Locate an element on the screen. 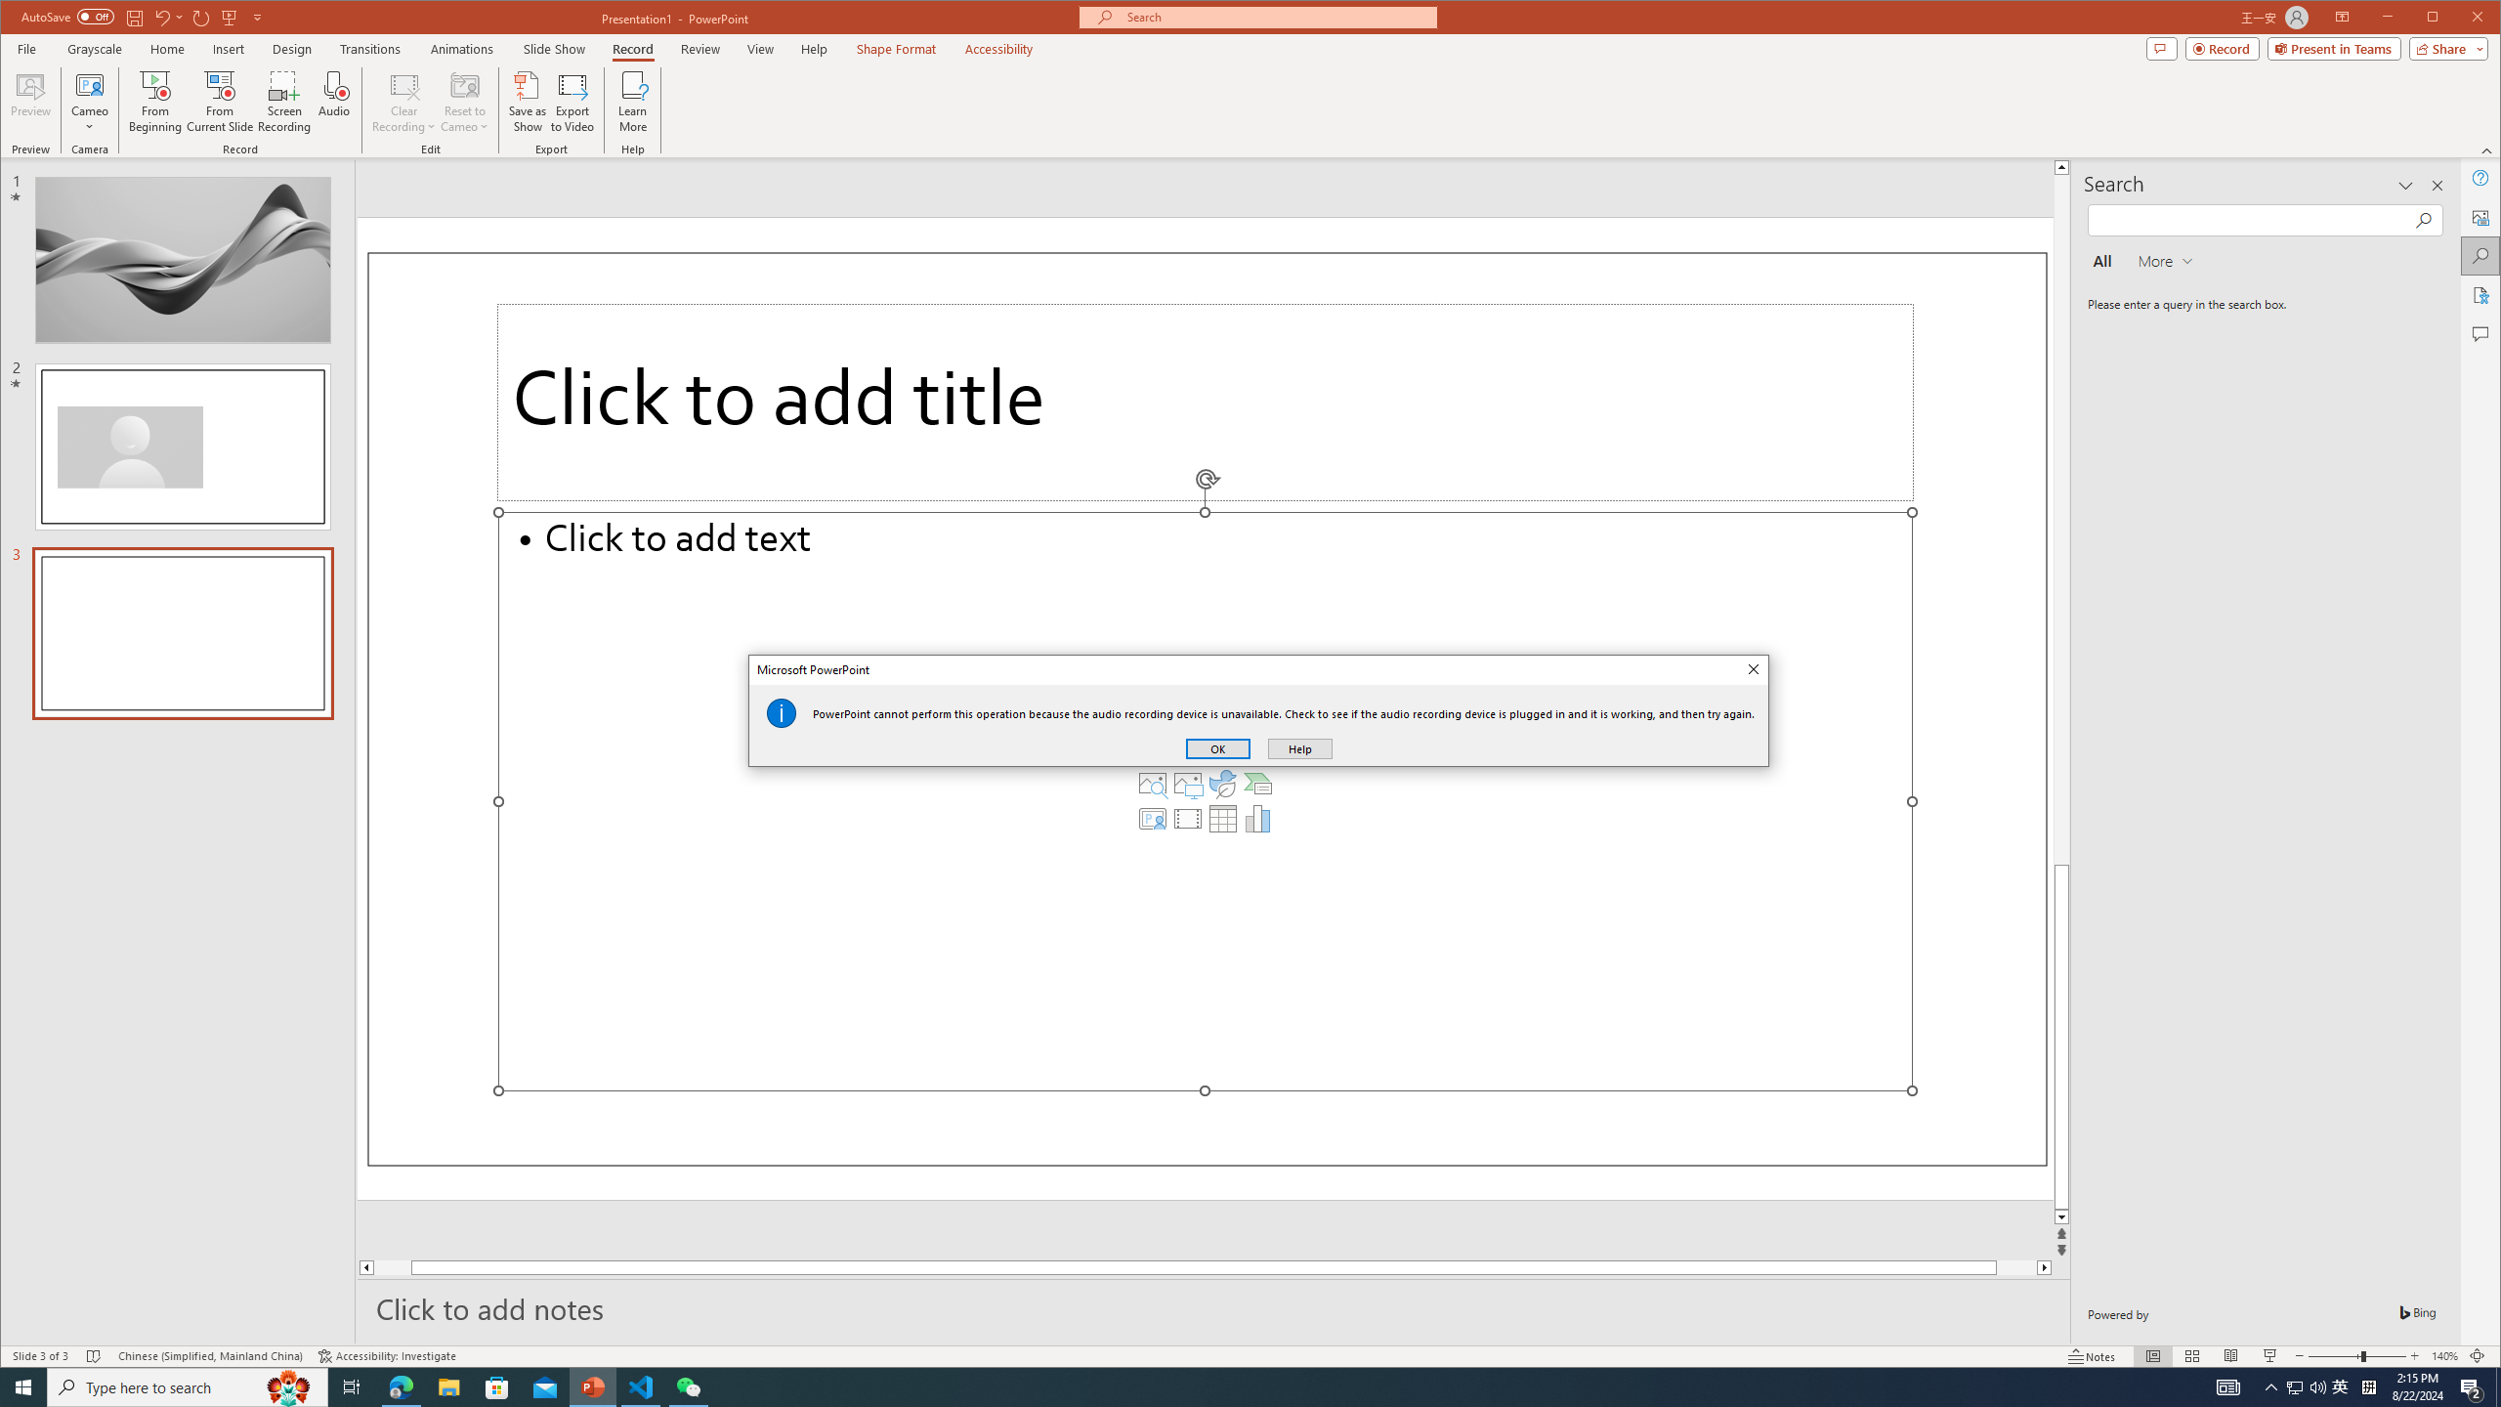 The width and height of the screenshot is (2501, 1407). 'Reset to Cameo' is located at coordinates (462, 101).